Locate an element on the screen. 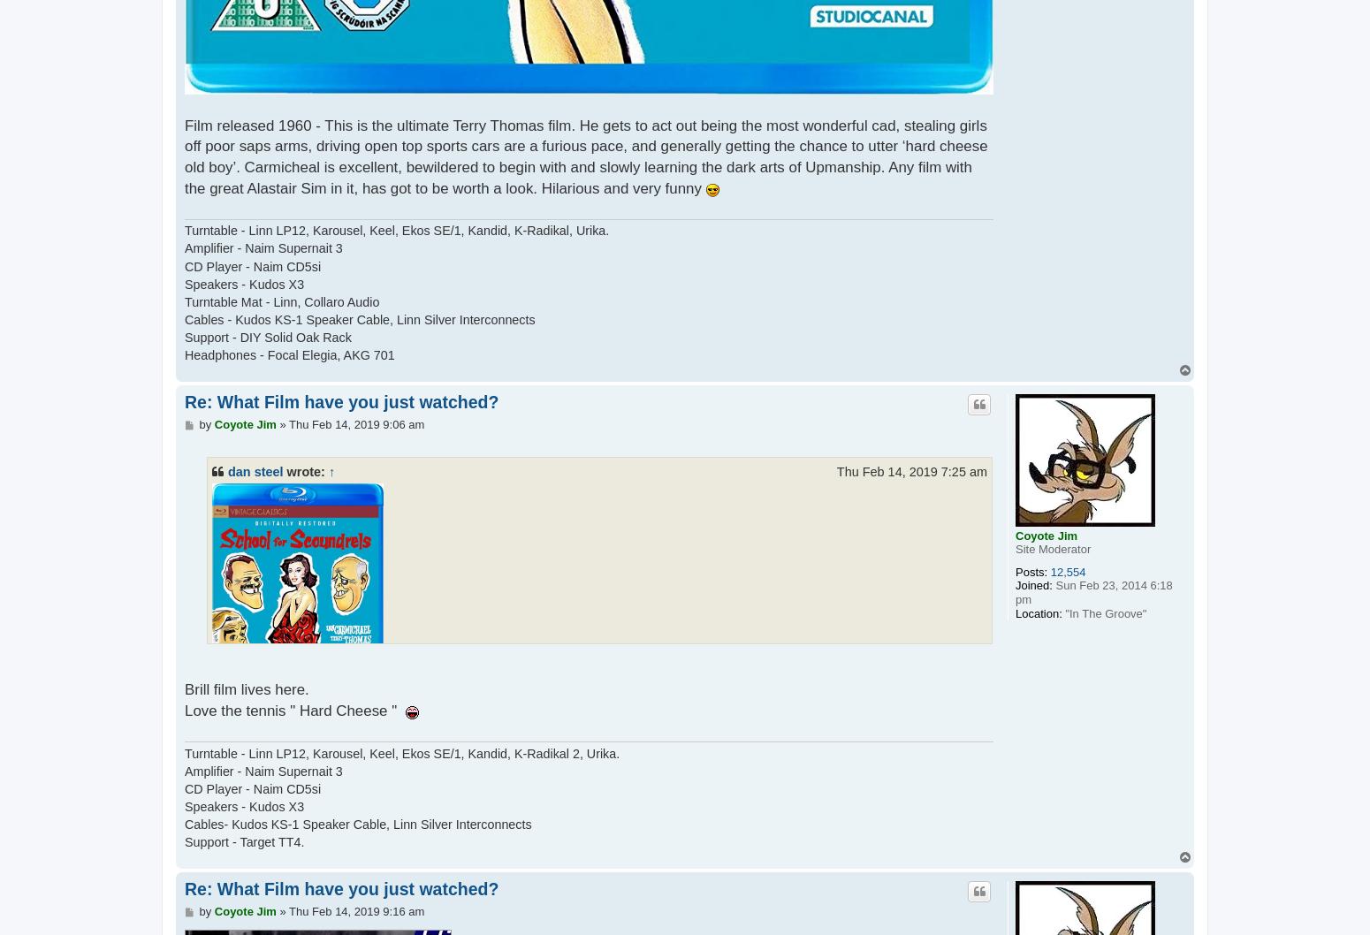  'Thu Feb 14, 2019 7:25 am' is located at coordinates (834, 471).